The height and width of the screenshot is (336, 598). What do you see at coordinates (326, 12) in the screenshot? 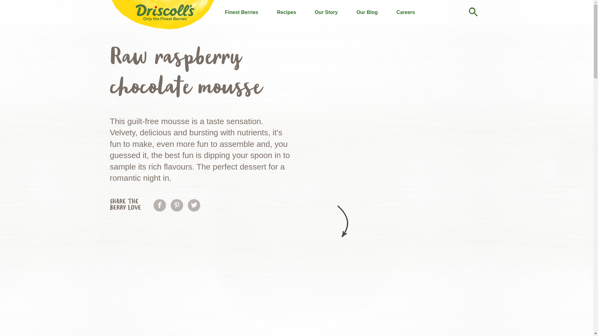
I see `'Our Story'` at bounding box center [326, 12].